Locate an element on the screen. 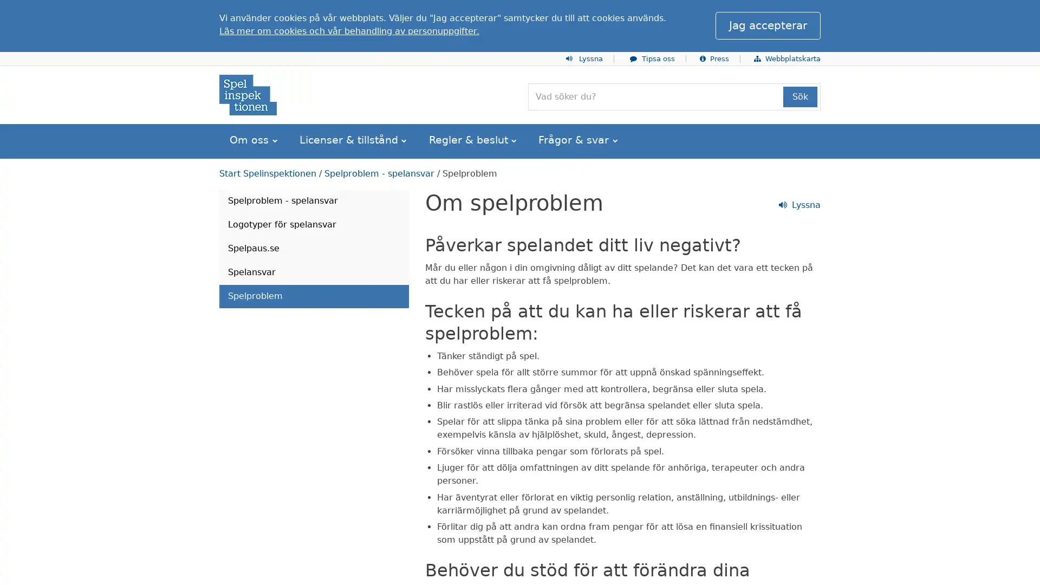  ReadSpeaker webReader: Lyssna med webReader is located at coordinates (262, 12).